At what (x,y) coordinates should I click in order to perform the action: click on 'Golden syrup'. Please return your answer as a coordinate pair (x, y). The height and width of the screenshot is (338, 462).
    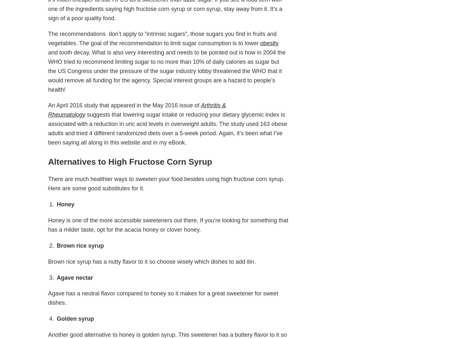
    Looking at the image, I should click on (75, 318).